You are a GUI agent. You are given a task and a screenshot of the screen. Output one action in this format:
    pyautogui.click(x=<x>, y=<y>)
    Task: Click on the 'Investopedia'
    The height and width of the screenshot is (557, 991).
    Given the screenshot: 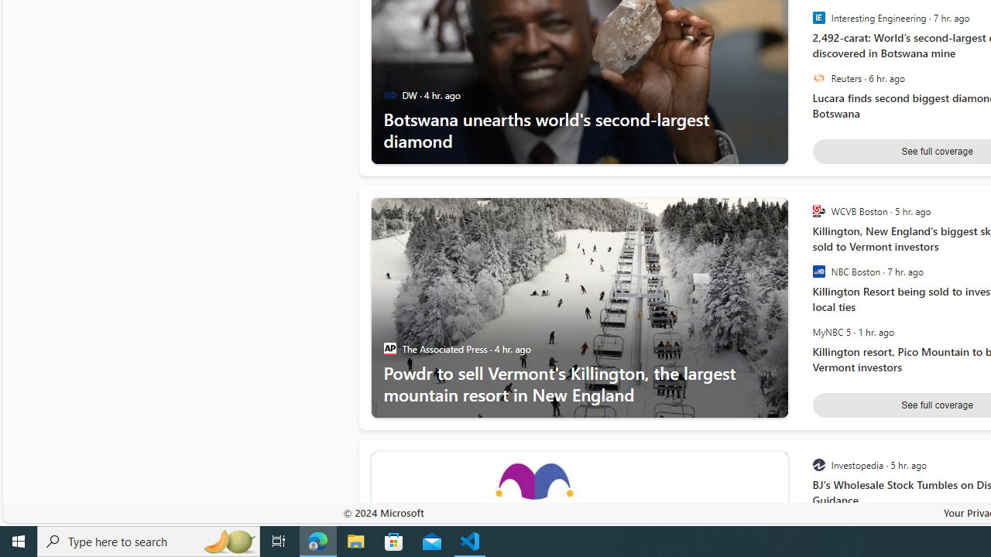 What is the action you would take?
    pyautogui.click(x=818, y=464)
    